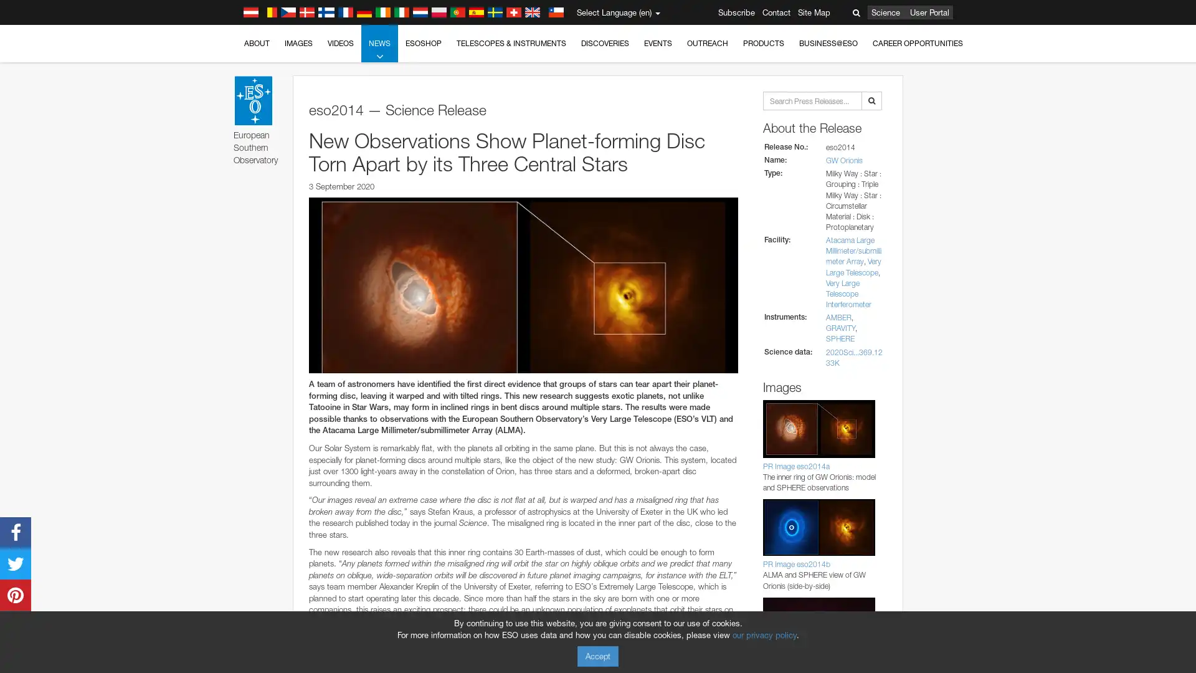 The height and width of the screenshot is (673, 1196). What do you see at coordinates (598, 656) in the screenshot?
I see `Accept` at bounding box center [598, 656].